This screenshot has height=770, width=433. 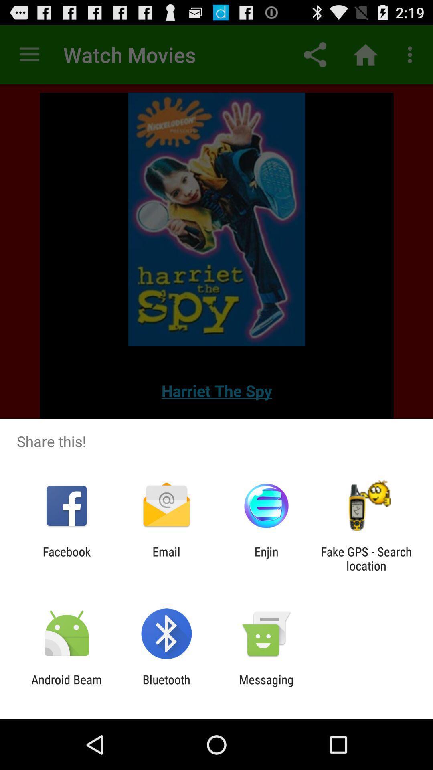 What do you see at coordinates (166, 686) in the screenshot?
I see `icon next to messaging app` at bounding box center [166, 686].